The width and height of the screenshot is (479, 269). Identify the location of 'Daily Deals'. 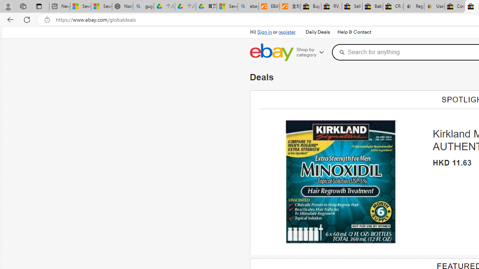
(318, 32).